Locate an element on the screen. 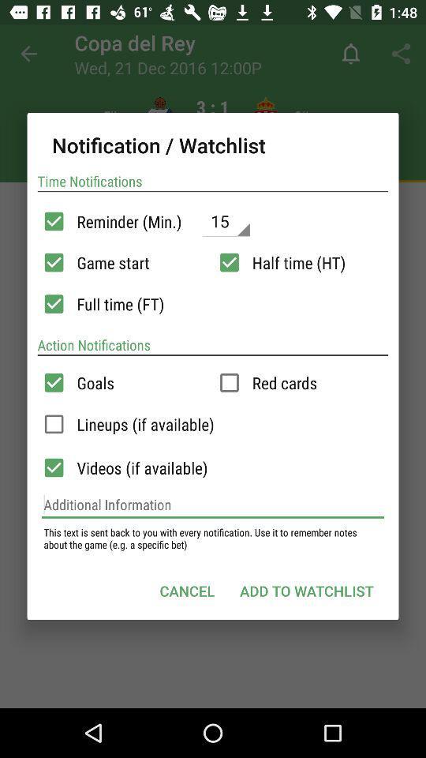  turn off game start notification is located at coordinates (53, 262).